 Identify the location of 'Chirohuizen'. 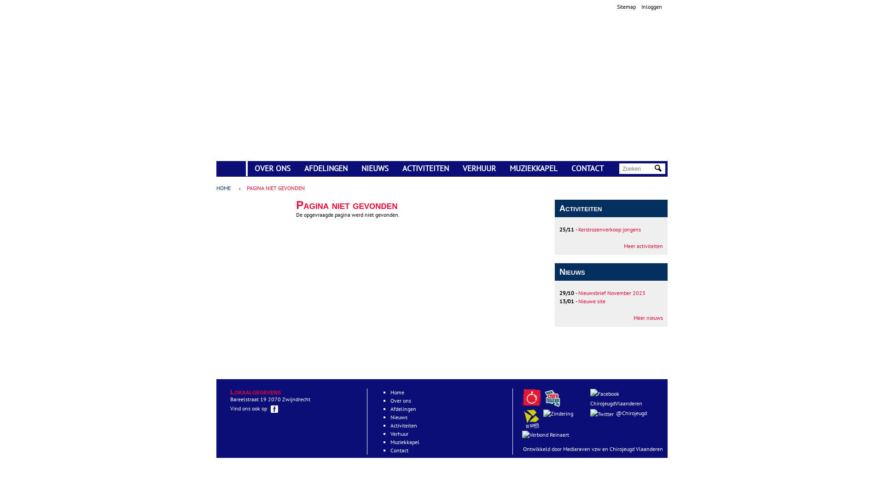
(552, 397).